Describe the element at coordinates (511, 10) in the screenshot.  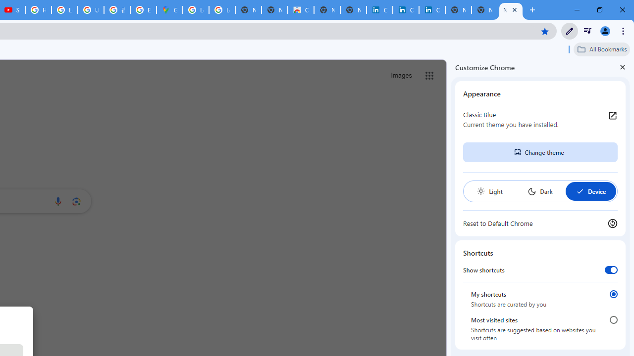
I see `'New Tab'` at that location.